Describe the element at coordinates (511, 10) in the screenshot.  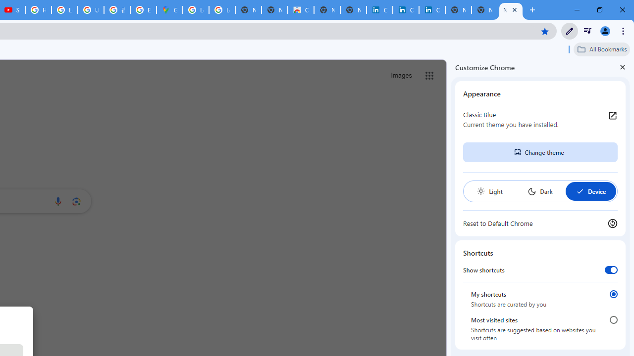
I see `'New Tab'` at that location.